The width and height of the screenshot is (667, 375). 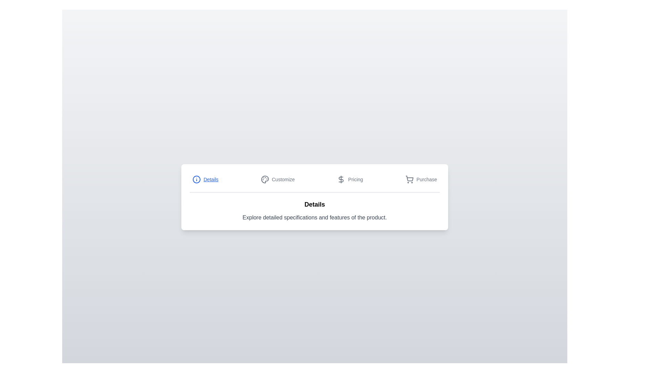 What do you see at coordinates (409, 179) in the screenshot?
I see `the icon next to the tab title Purchase to perform the action associated with it` at bounding box center [409, 179].